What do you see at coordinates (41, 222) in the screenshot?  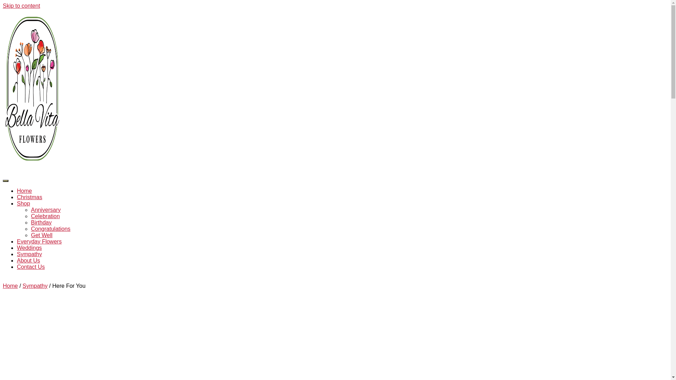 I see `'Birthday'` at bounding box center [41, 222].